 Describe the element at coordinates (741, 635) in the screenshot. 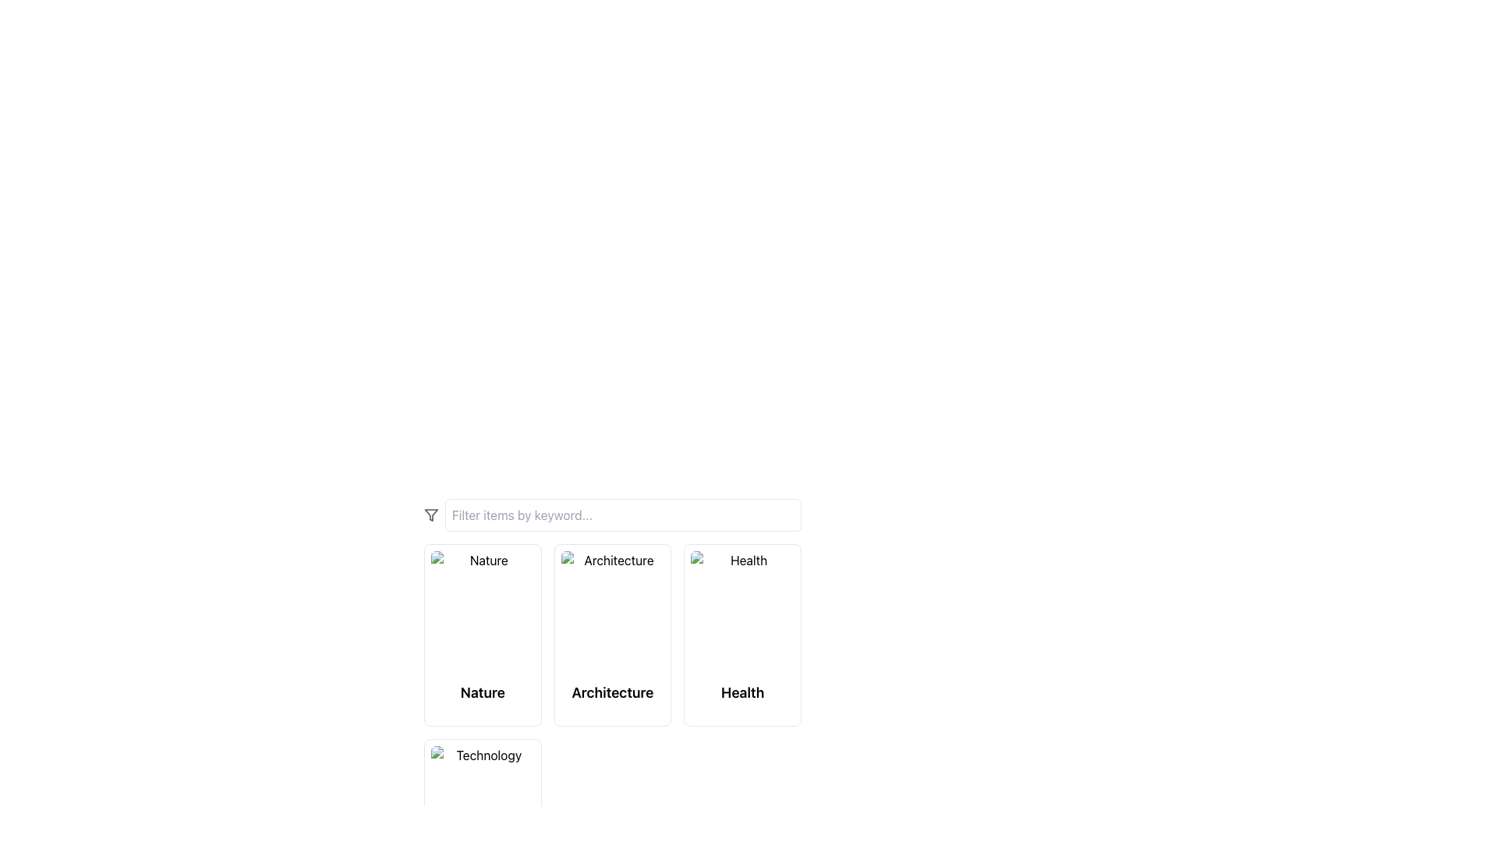

I see `the 'Health' Category card, which is the third card in the top row of a grid layout` at that location.